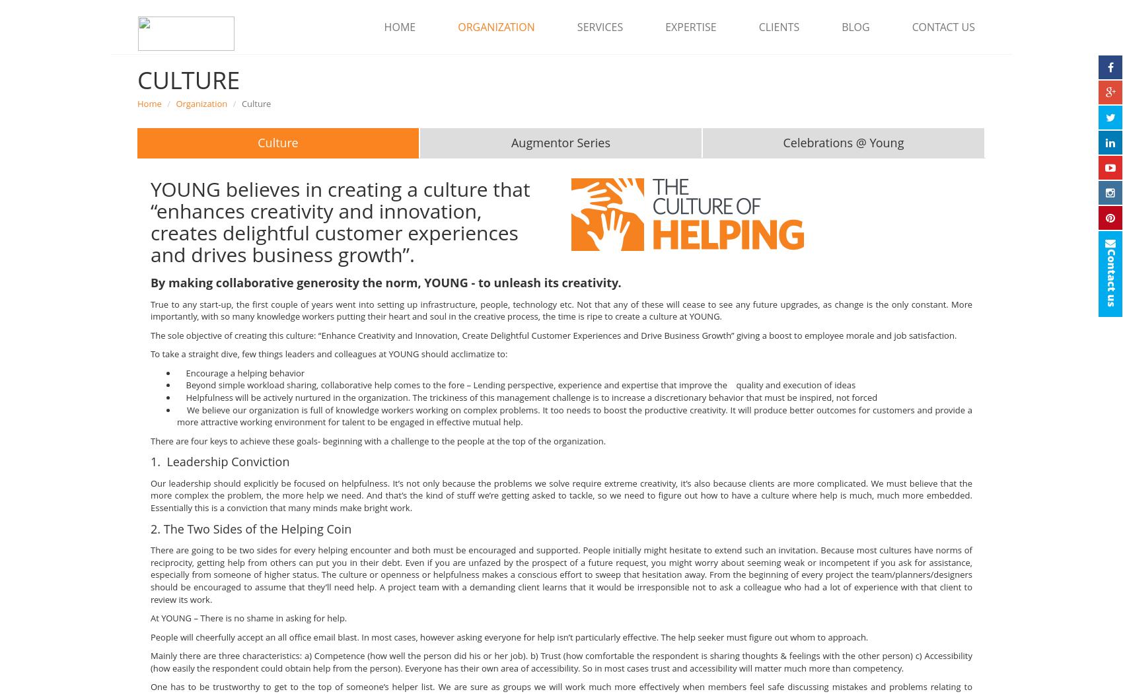 The width and height of the screenshot is (1123, 696). What do you see at coordinates (250, 527) in the screenshot?
I see `'2. The Two Sides of the Helping Coin'` at bounding box center [250, 527].